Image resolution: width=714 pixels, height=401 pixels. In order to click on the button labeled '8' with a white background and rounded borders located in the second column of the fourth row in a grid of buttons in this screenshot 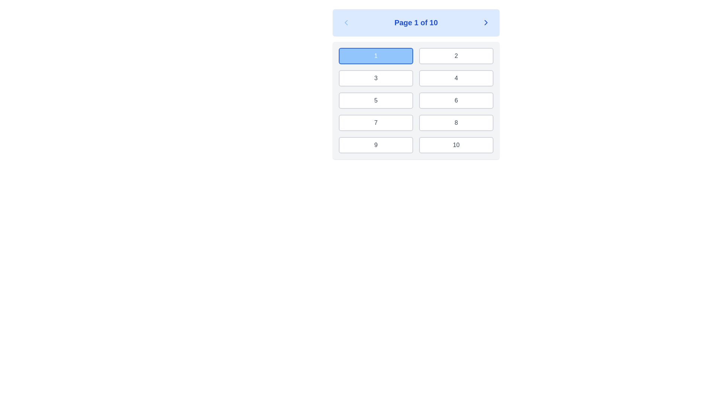, I will do `click(456, 123)`.